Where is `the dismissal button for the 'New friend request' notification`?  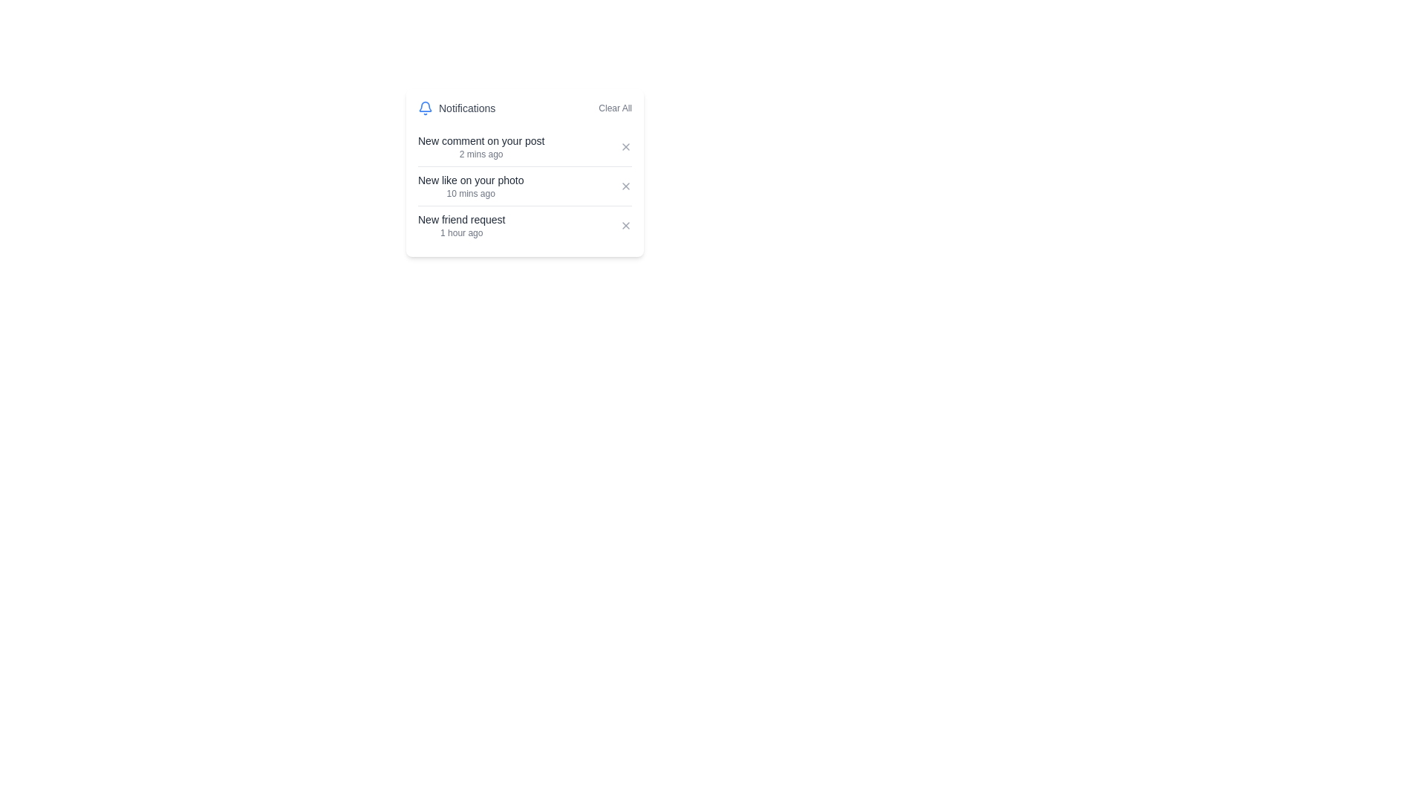 the dismissal button for the 'New friend request' notification is located at coordinates (626, 226).